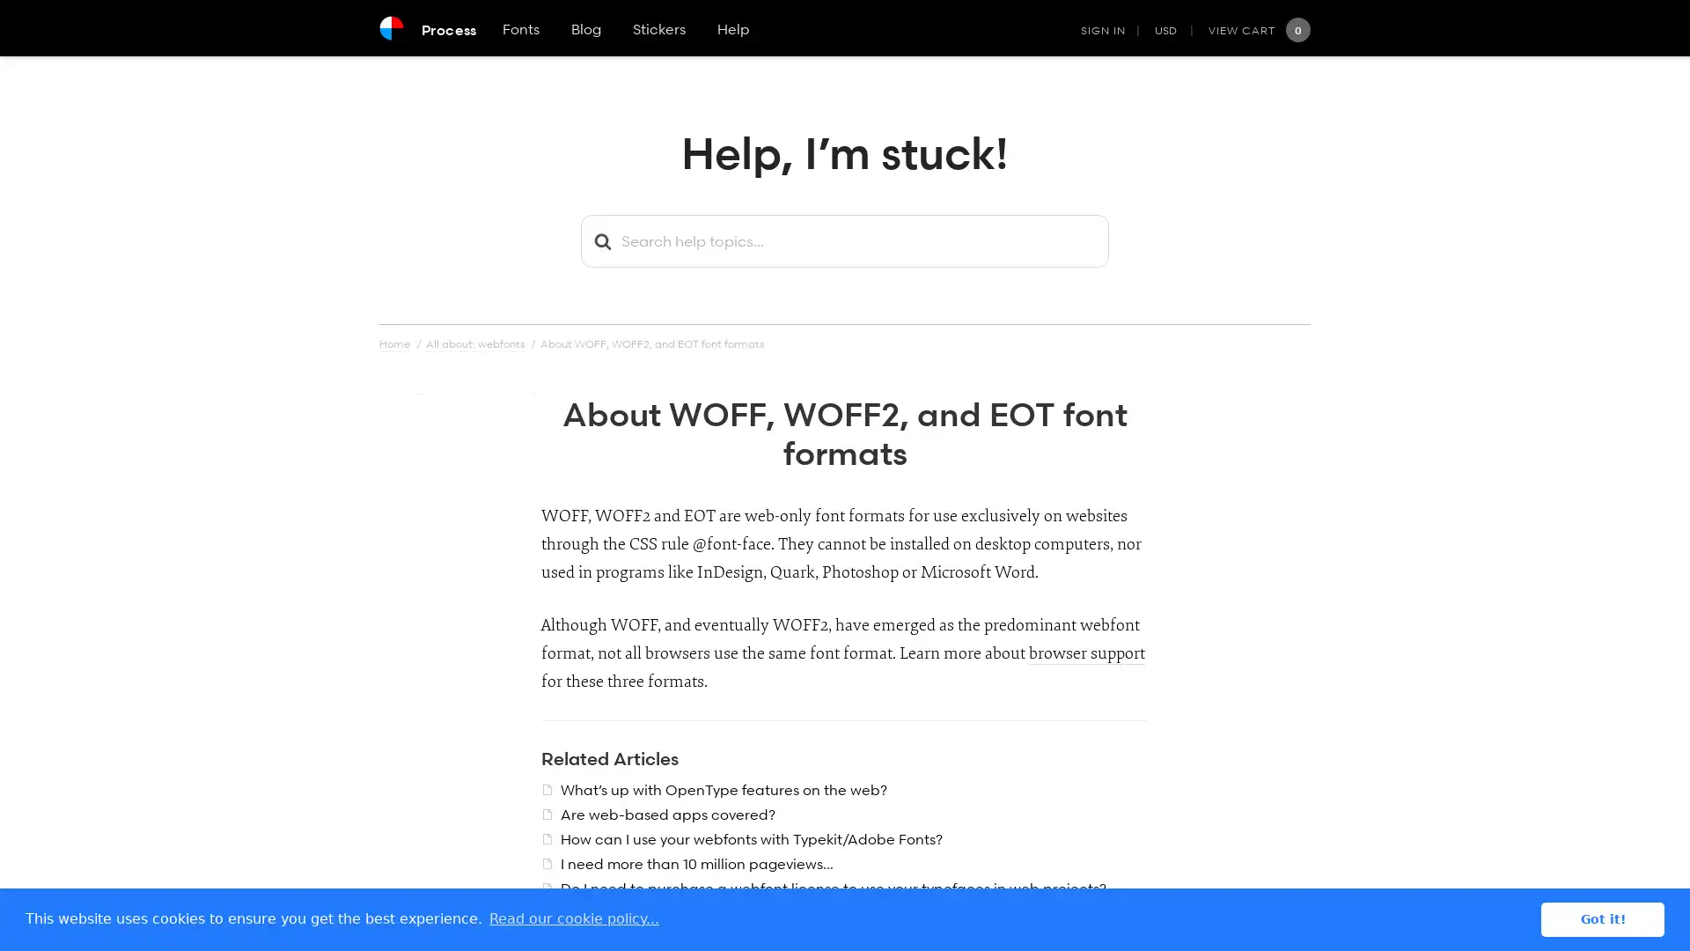 The width and height of the screenshot is (1690, 951). Describe the element at coordinates (1602, 918) in the screenshot. I see `dismiss cookie message` at that location.